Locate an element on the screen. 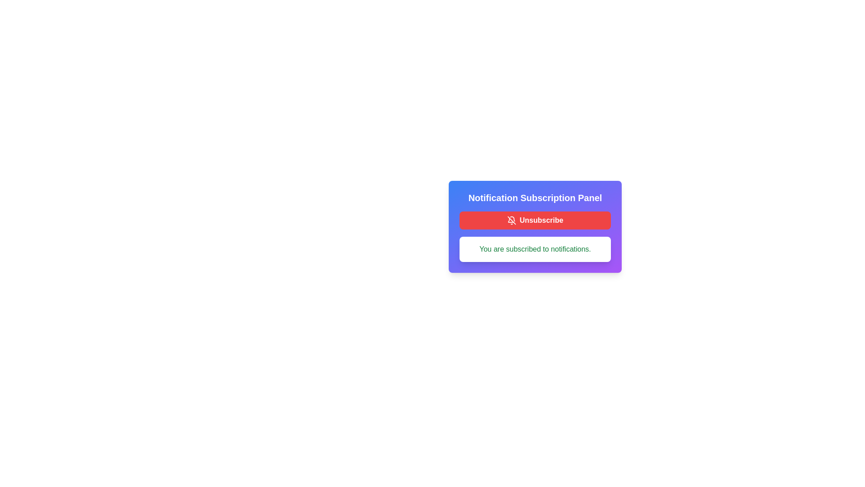 Image resolution: width=865 pixels, height=487 pixels. the 'Unsubscribe' button located in the notification subscription panel, which displays the user's subscription status is located at coordinates (535, 226).